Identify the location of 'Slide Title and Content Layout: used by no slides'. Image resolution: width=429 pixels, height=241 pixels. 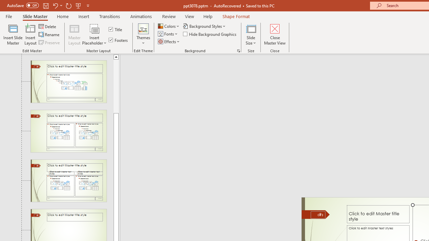
(68, 81).